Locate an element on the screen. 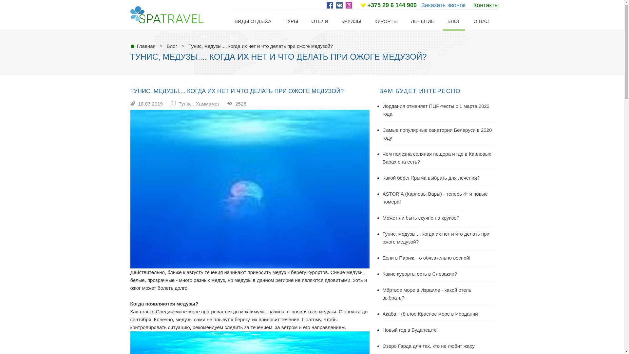 The width and height of the screenshot is (629, 354). '+375 29 6 144 900' is located at coordinates (392, 5).